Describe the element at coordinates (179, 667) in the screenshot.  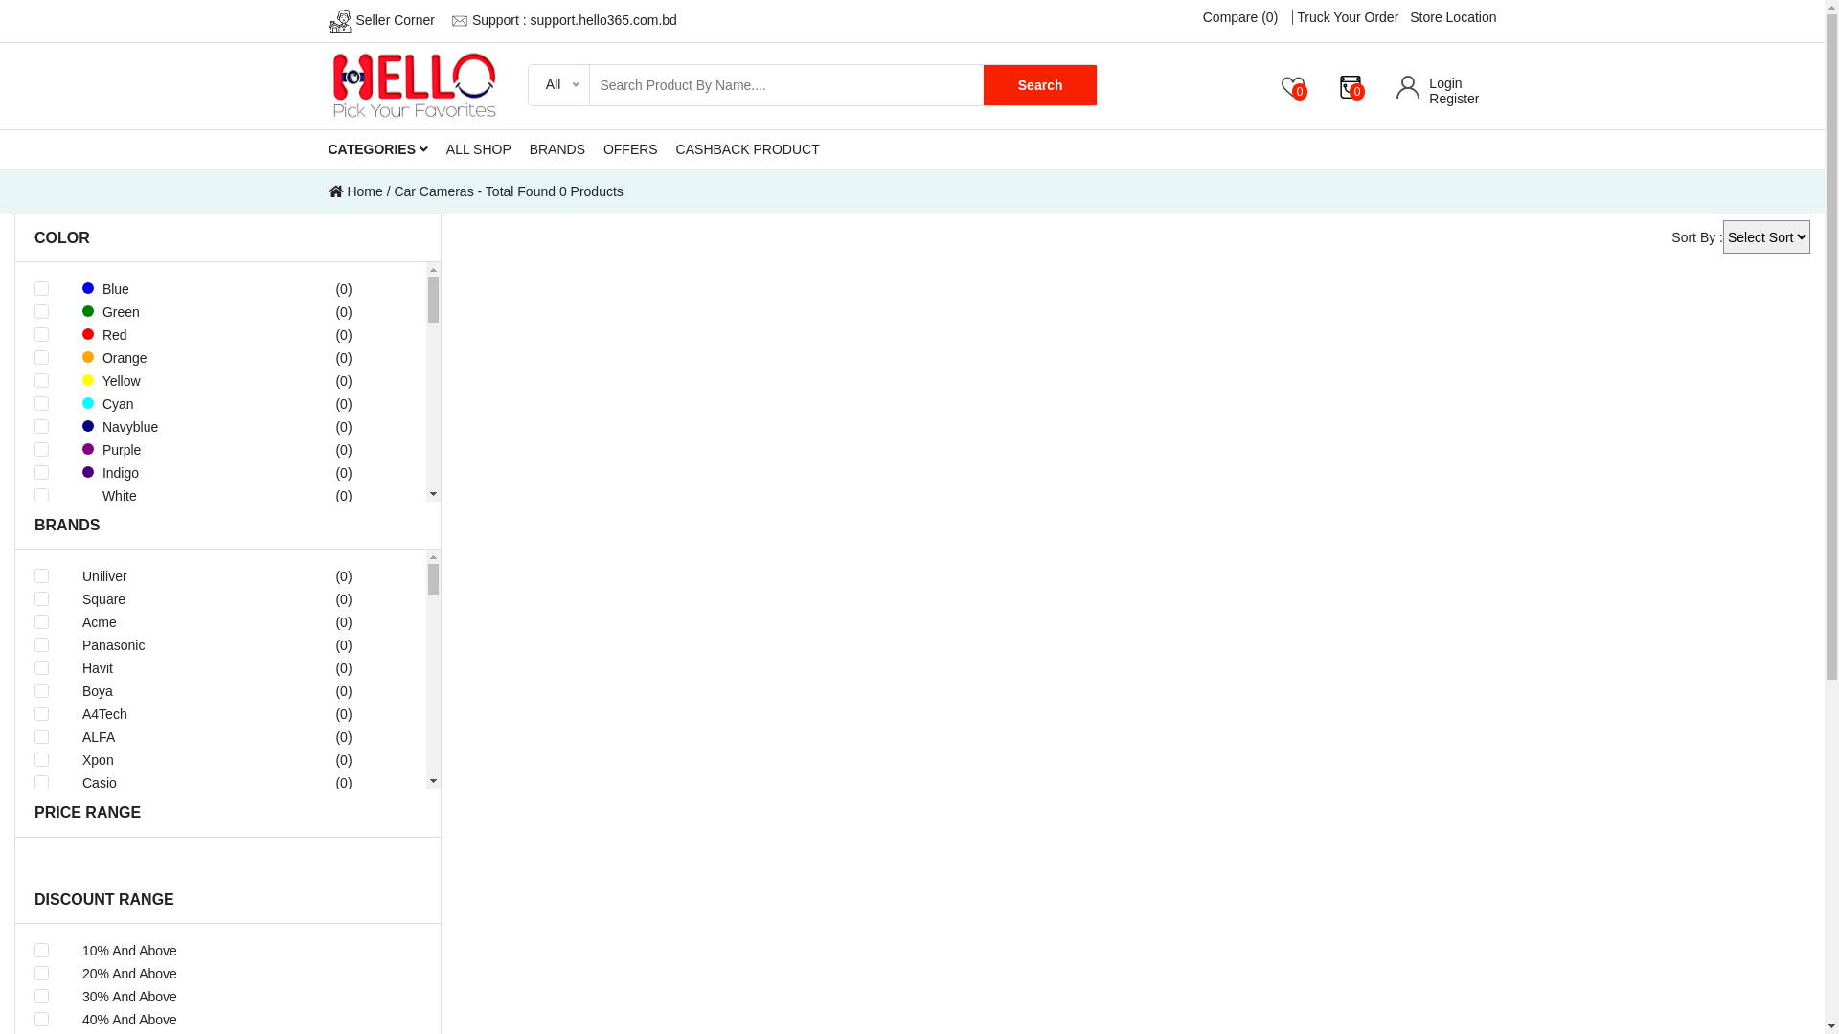
I see `'Havit'` at that location.